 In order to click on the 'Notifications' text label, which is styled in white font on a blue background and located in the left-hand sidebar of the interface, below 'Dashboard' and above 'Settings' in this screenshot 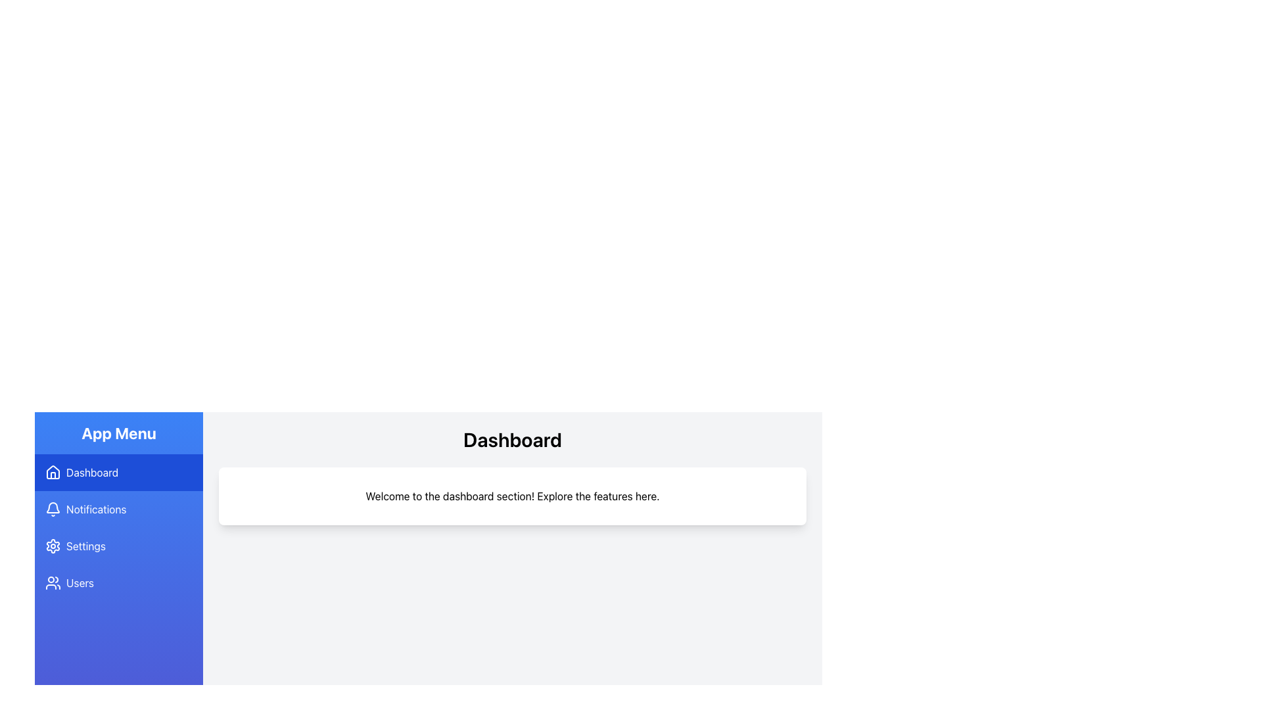, I will do `click(95, 509)`.